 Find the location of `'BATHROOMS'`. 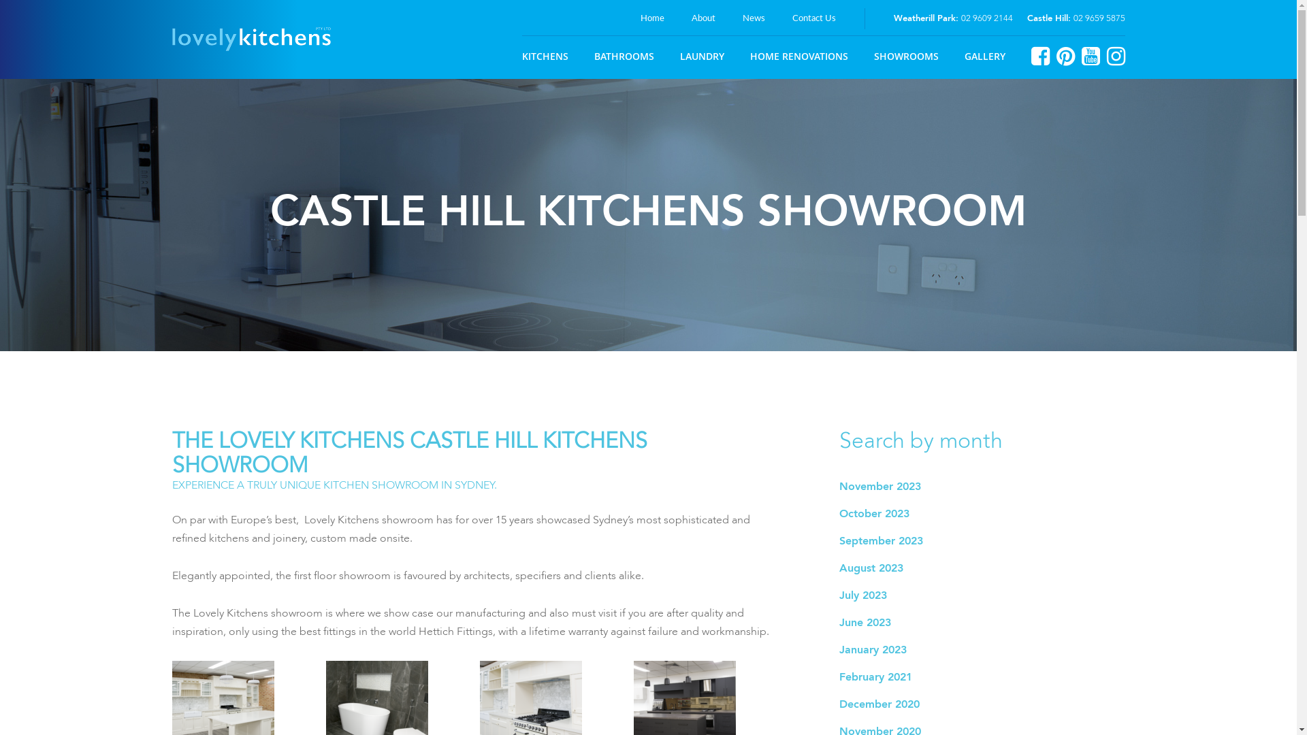

'BATHROOMS' is located at coordinates (623, 55).